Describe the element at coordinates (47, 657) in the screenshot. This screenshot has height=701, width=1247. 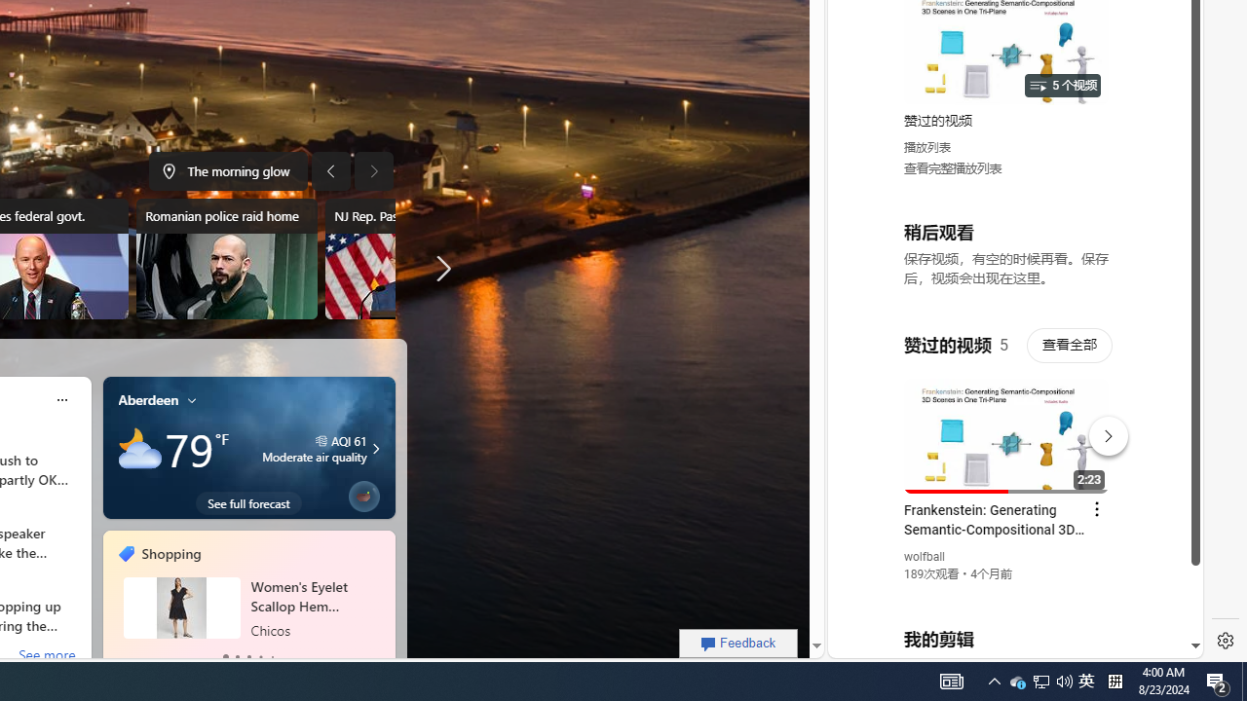
I see `'See more'` at that location.